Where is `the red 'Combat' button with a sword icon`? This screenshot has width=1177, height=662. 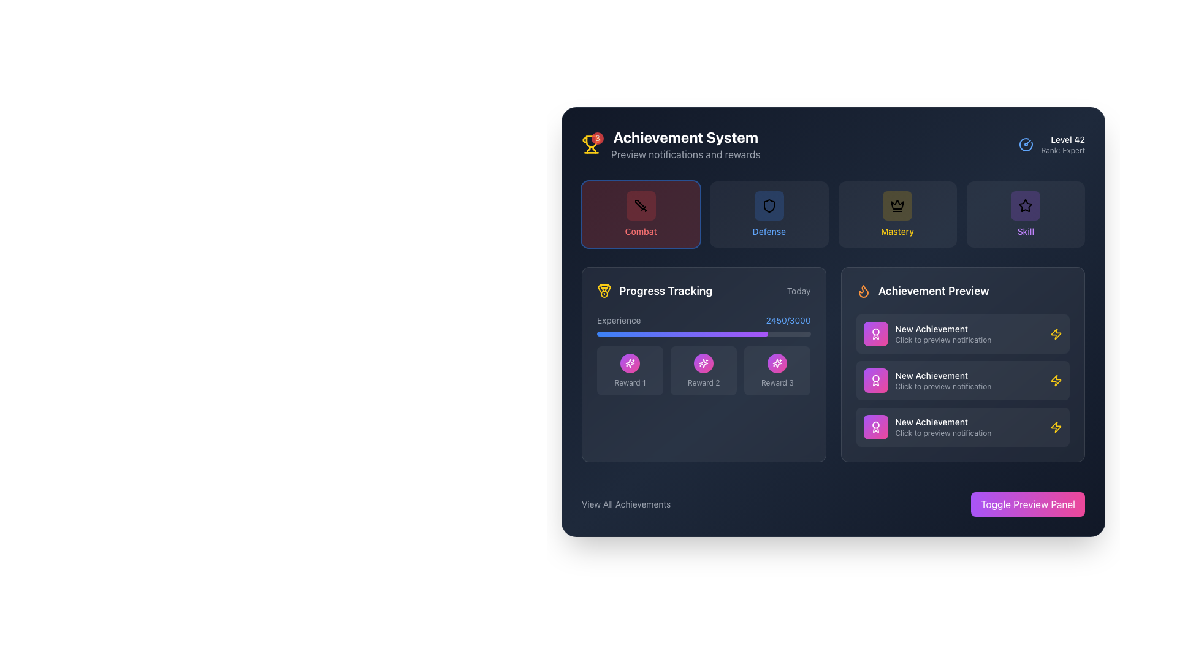 the red 'Combat' button with a sword icon is located at coordinates (640, 214).